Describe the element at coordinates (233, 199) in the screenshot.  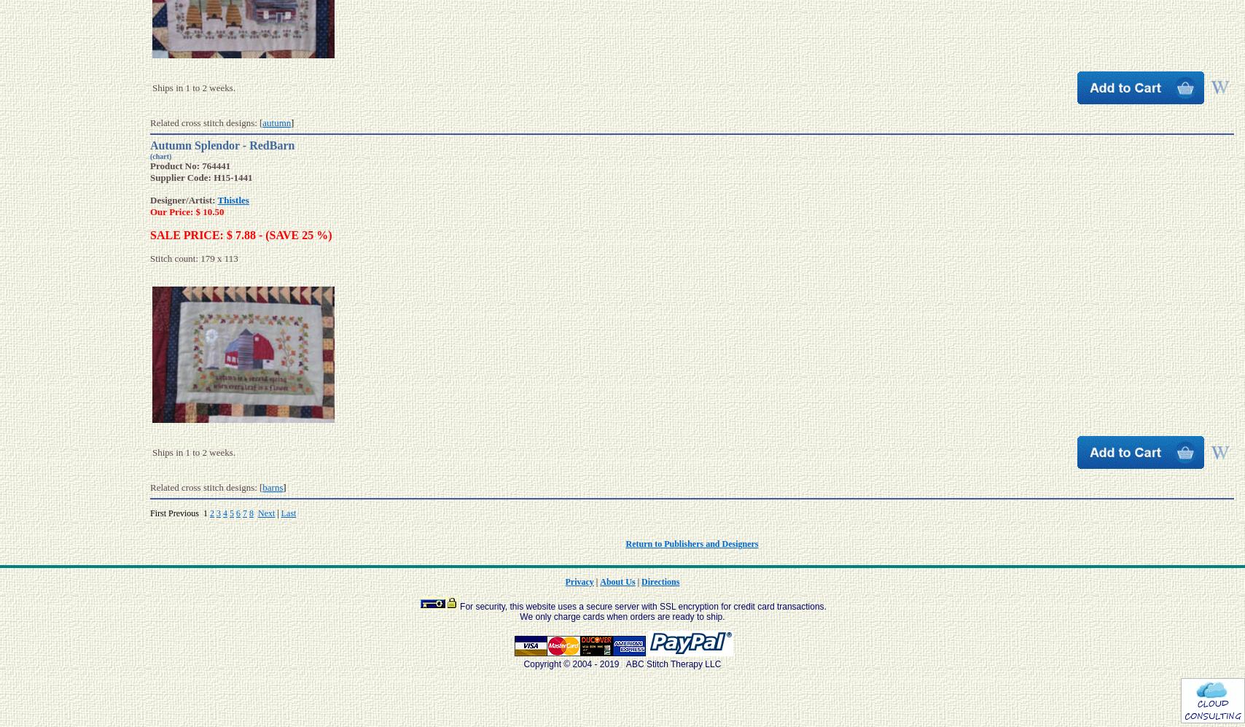
I see `'Thistles'` at that location.